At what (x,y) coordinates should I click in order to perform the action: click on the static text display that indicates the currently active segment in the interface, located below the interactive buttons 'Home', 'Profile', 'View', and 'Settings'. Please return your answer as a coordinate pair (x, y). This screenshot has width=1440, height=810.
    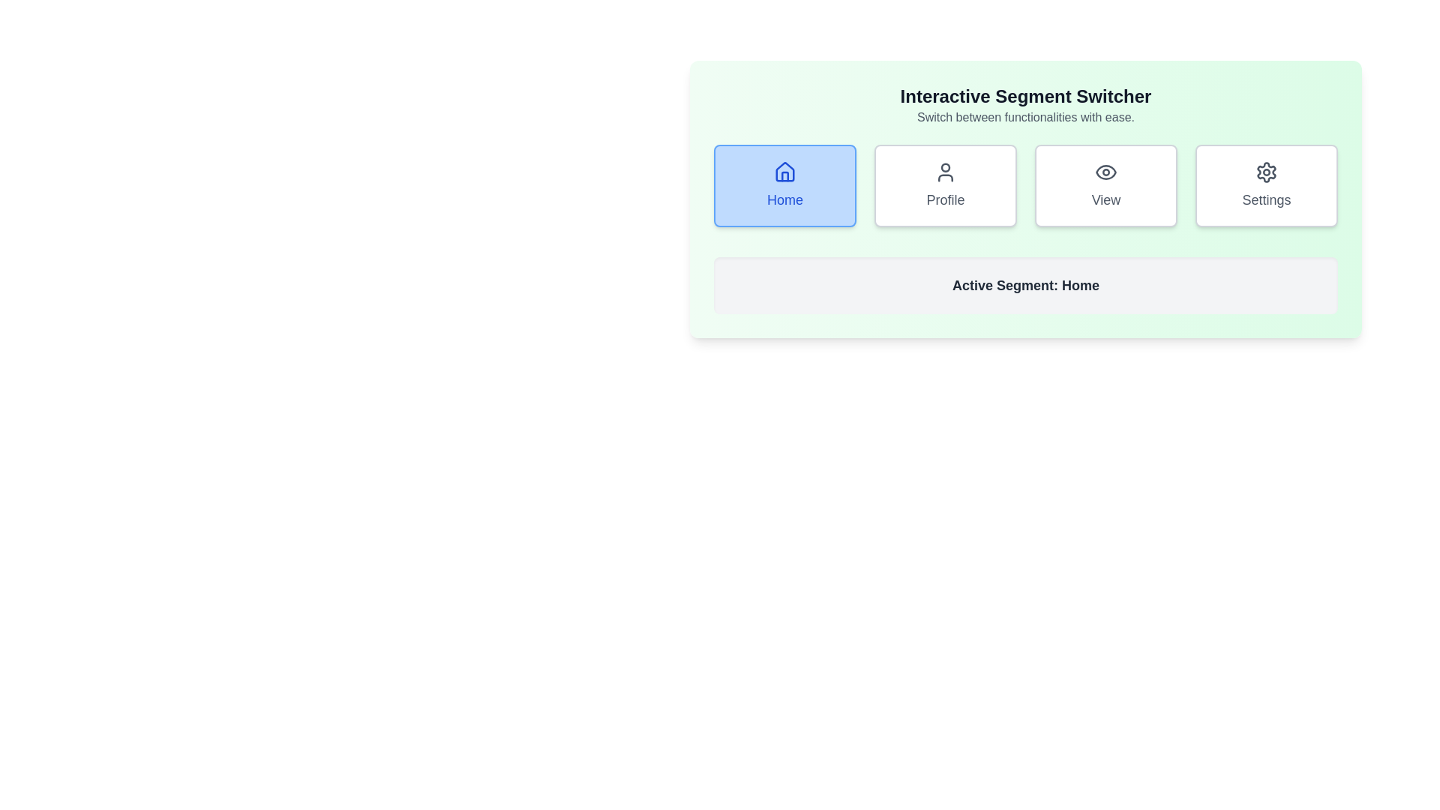
    Looking at the image, I should click on (1025, 286).